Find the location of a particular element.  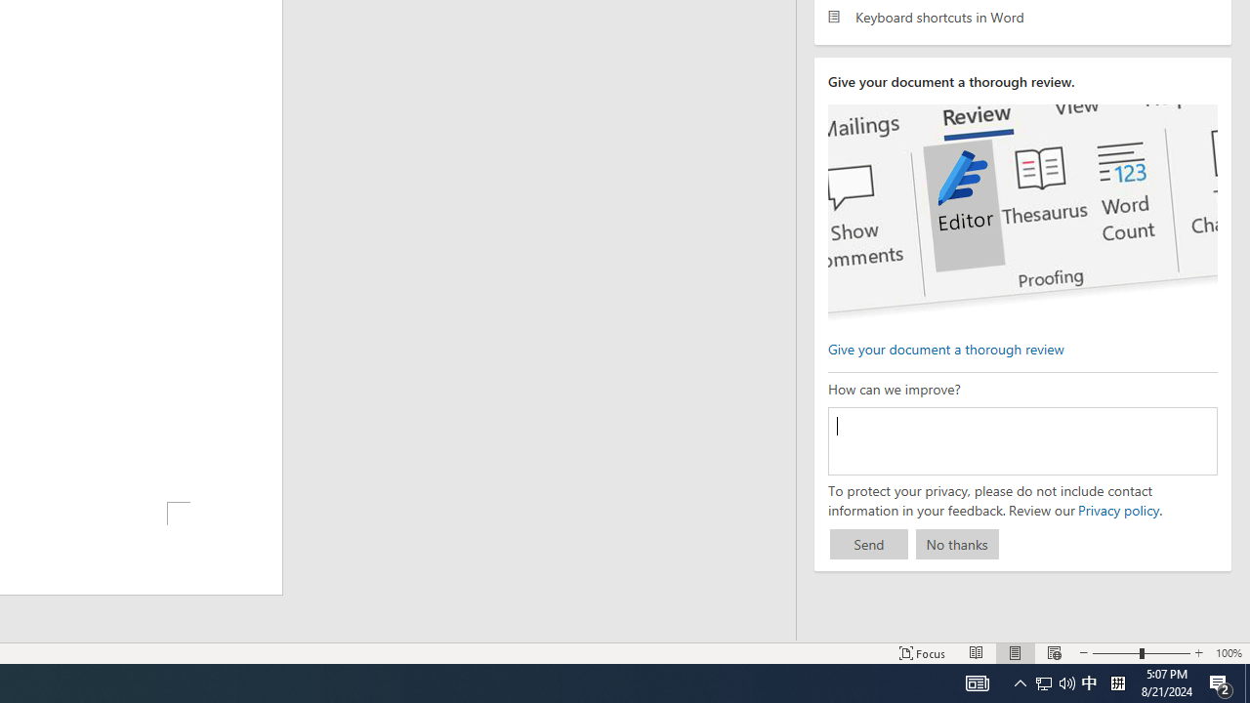

'Zoom Out' is located at coordinates (1116, 653).